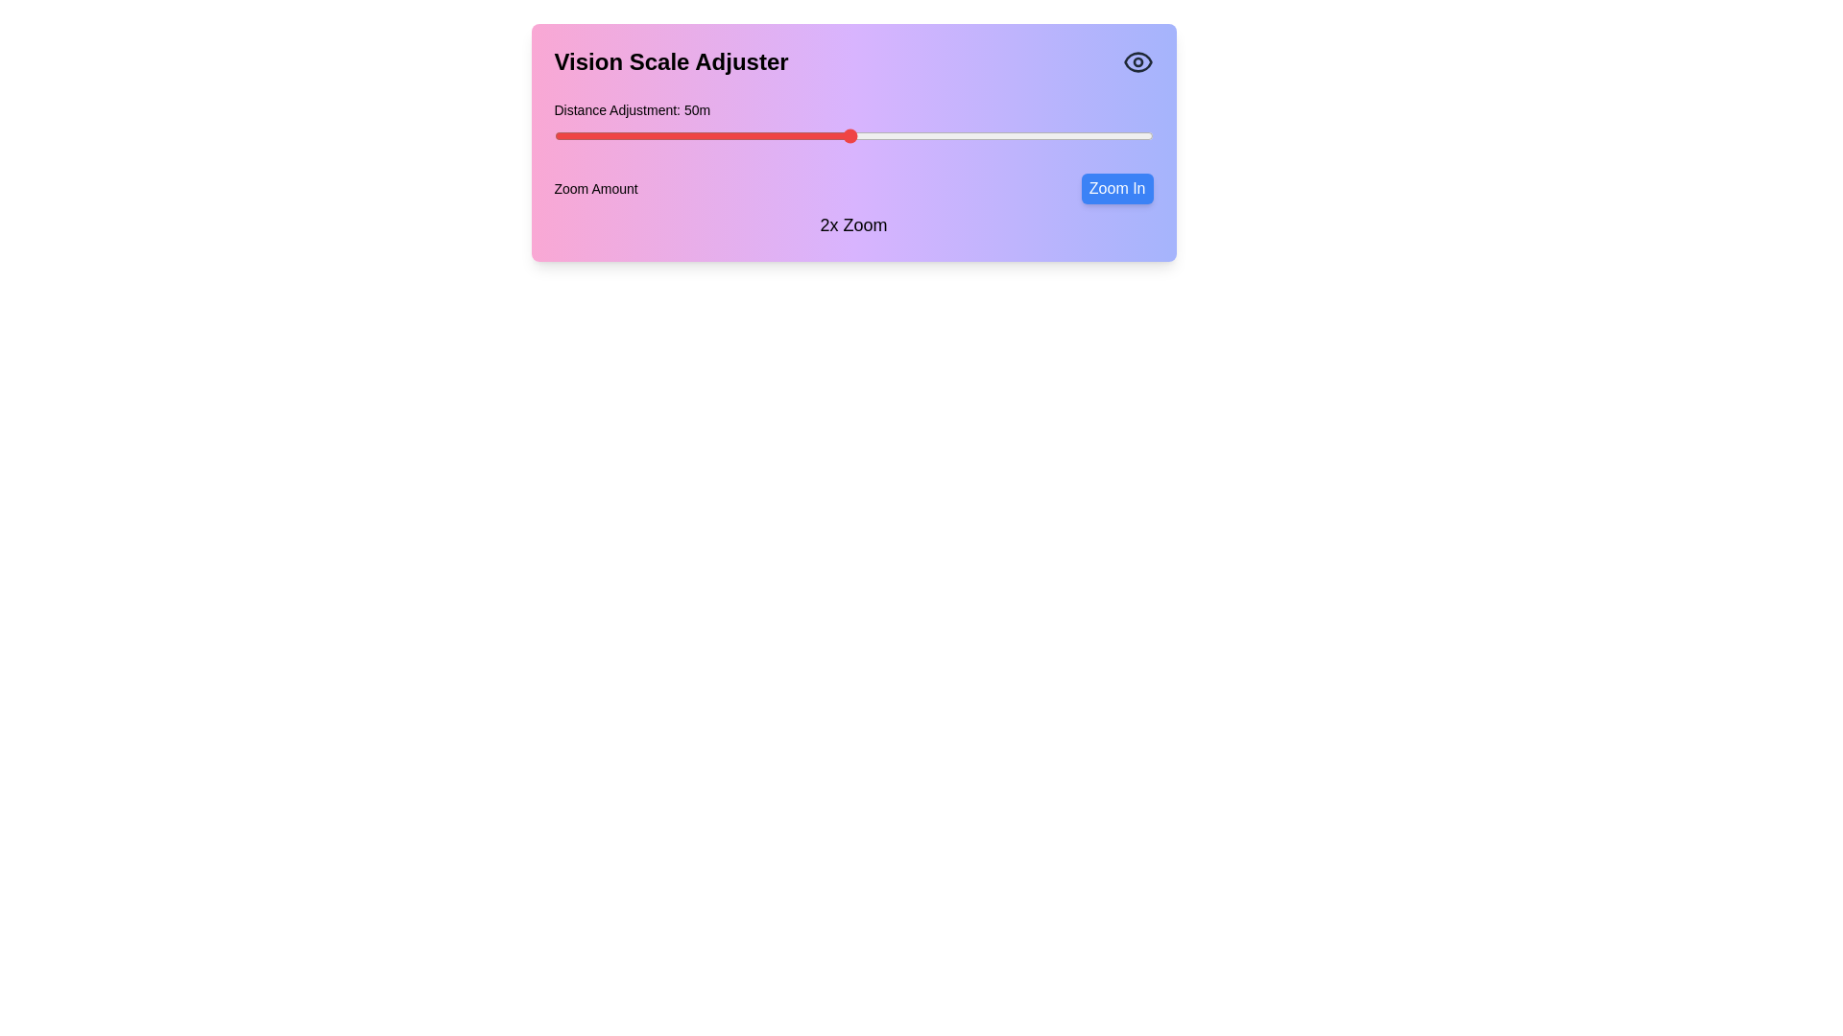  What do you see at coordinates (1137, 61) in the screenshot?
I see `the eye-shaped icon with a thin outline and circular pupil in the header section of the 'Vision Scale Adjuster' interface, located at the far right side adjacent to the title text` at bounding box center [1137, 61].